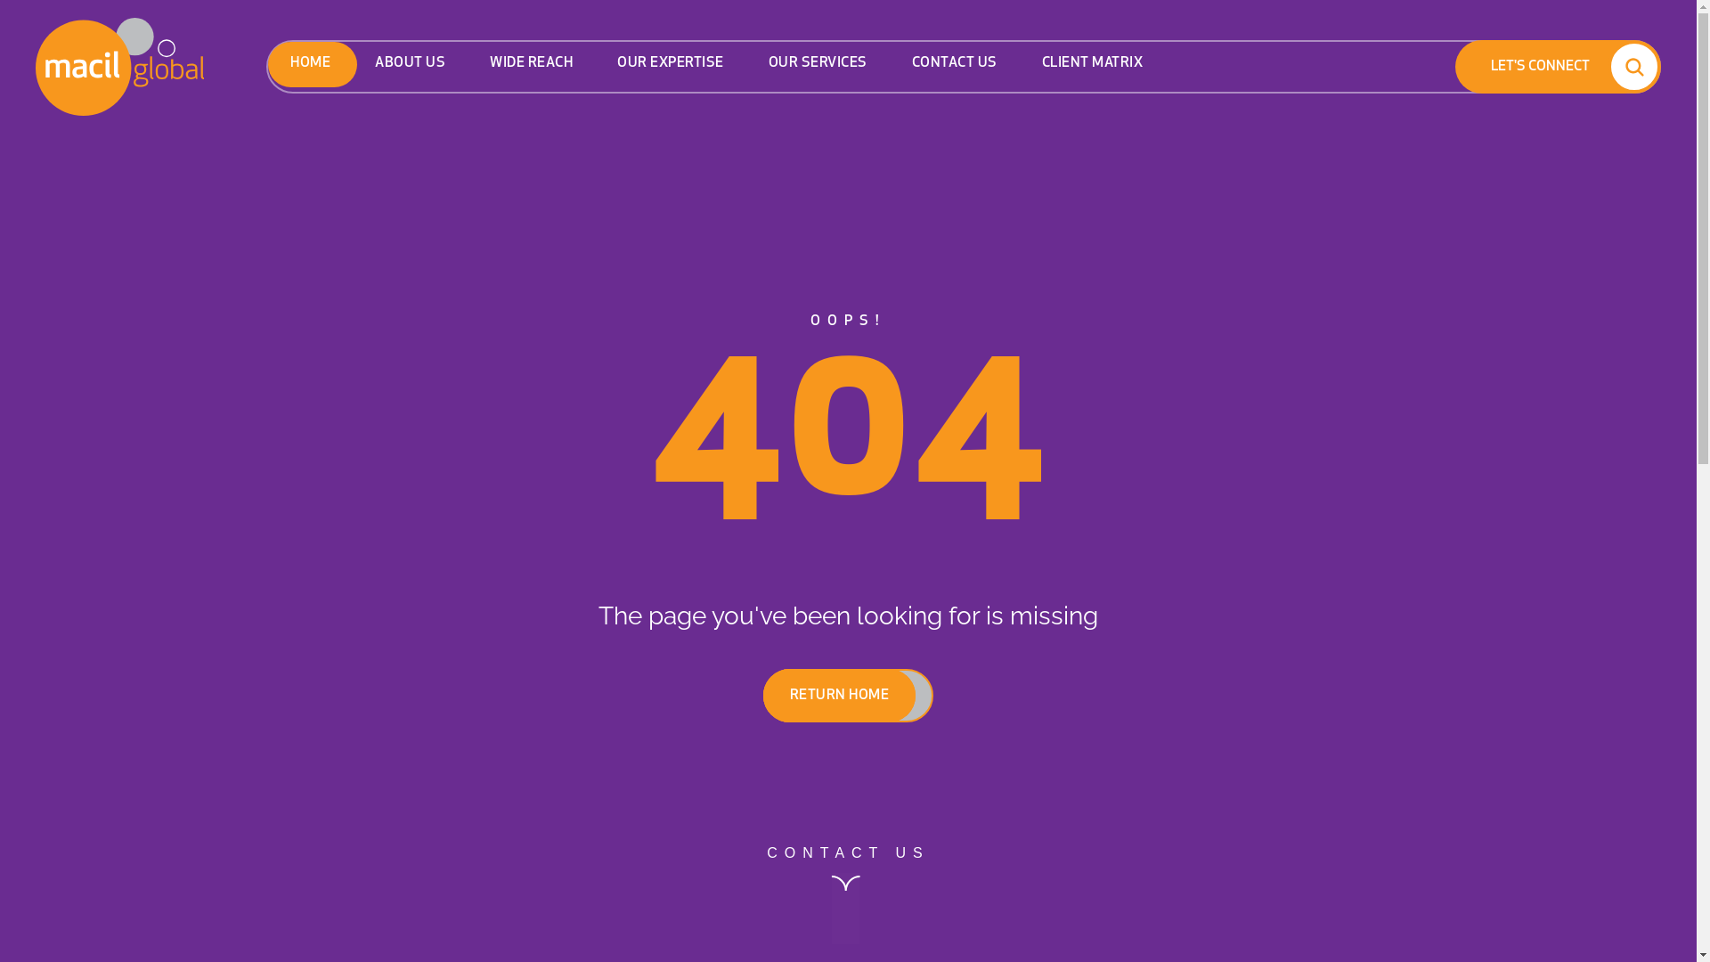 The width and height of the screenshot is (1710, 962). Describe the element at coordinates (1552, 65) in the screenshot. I see `'LET'S CONNECT'` at that location.